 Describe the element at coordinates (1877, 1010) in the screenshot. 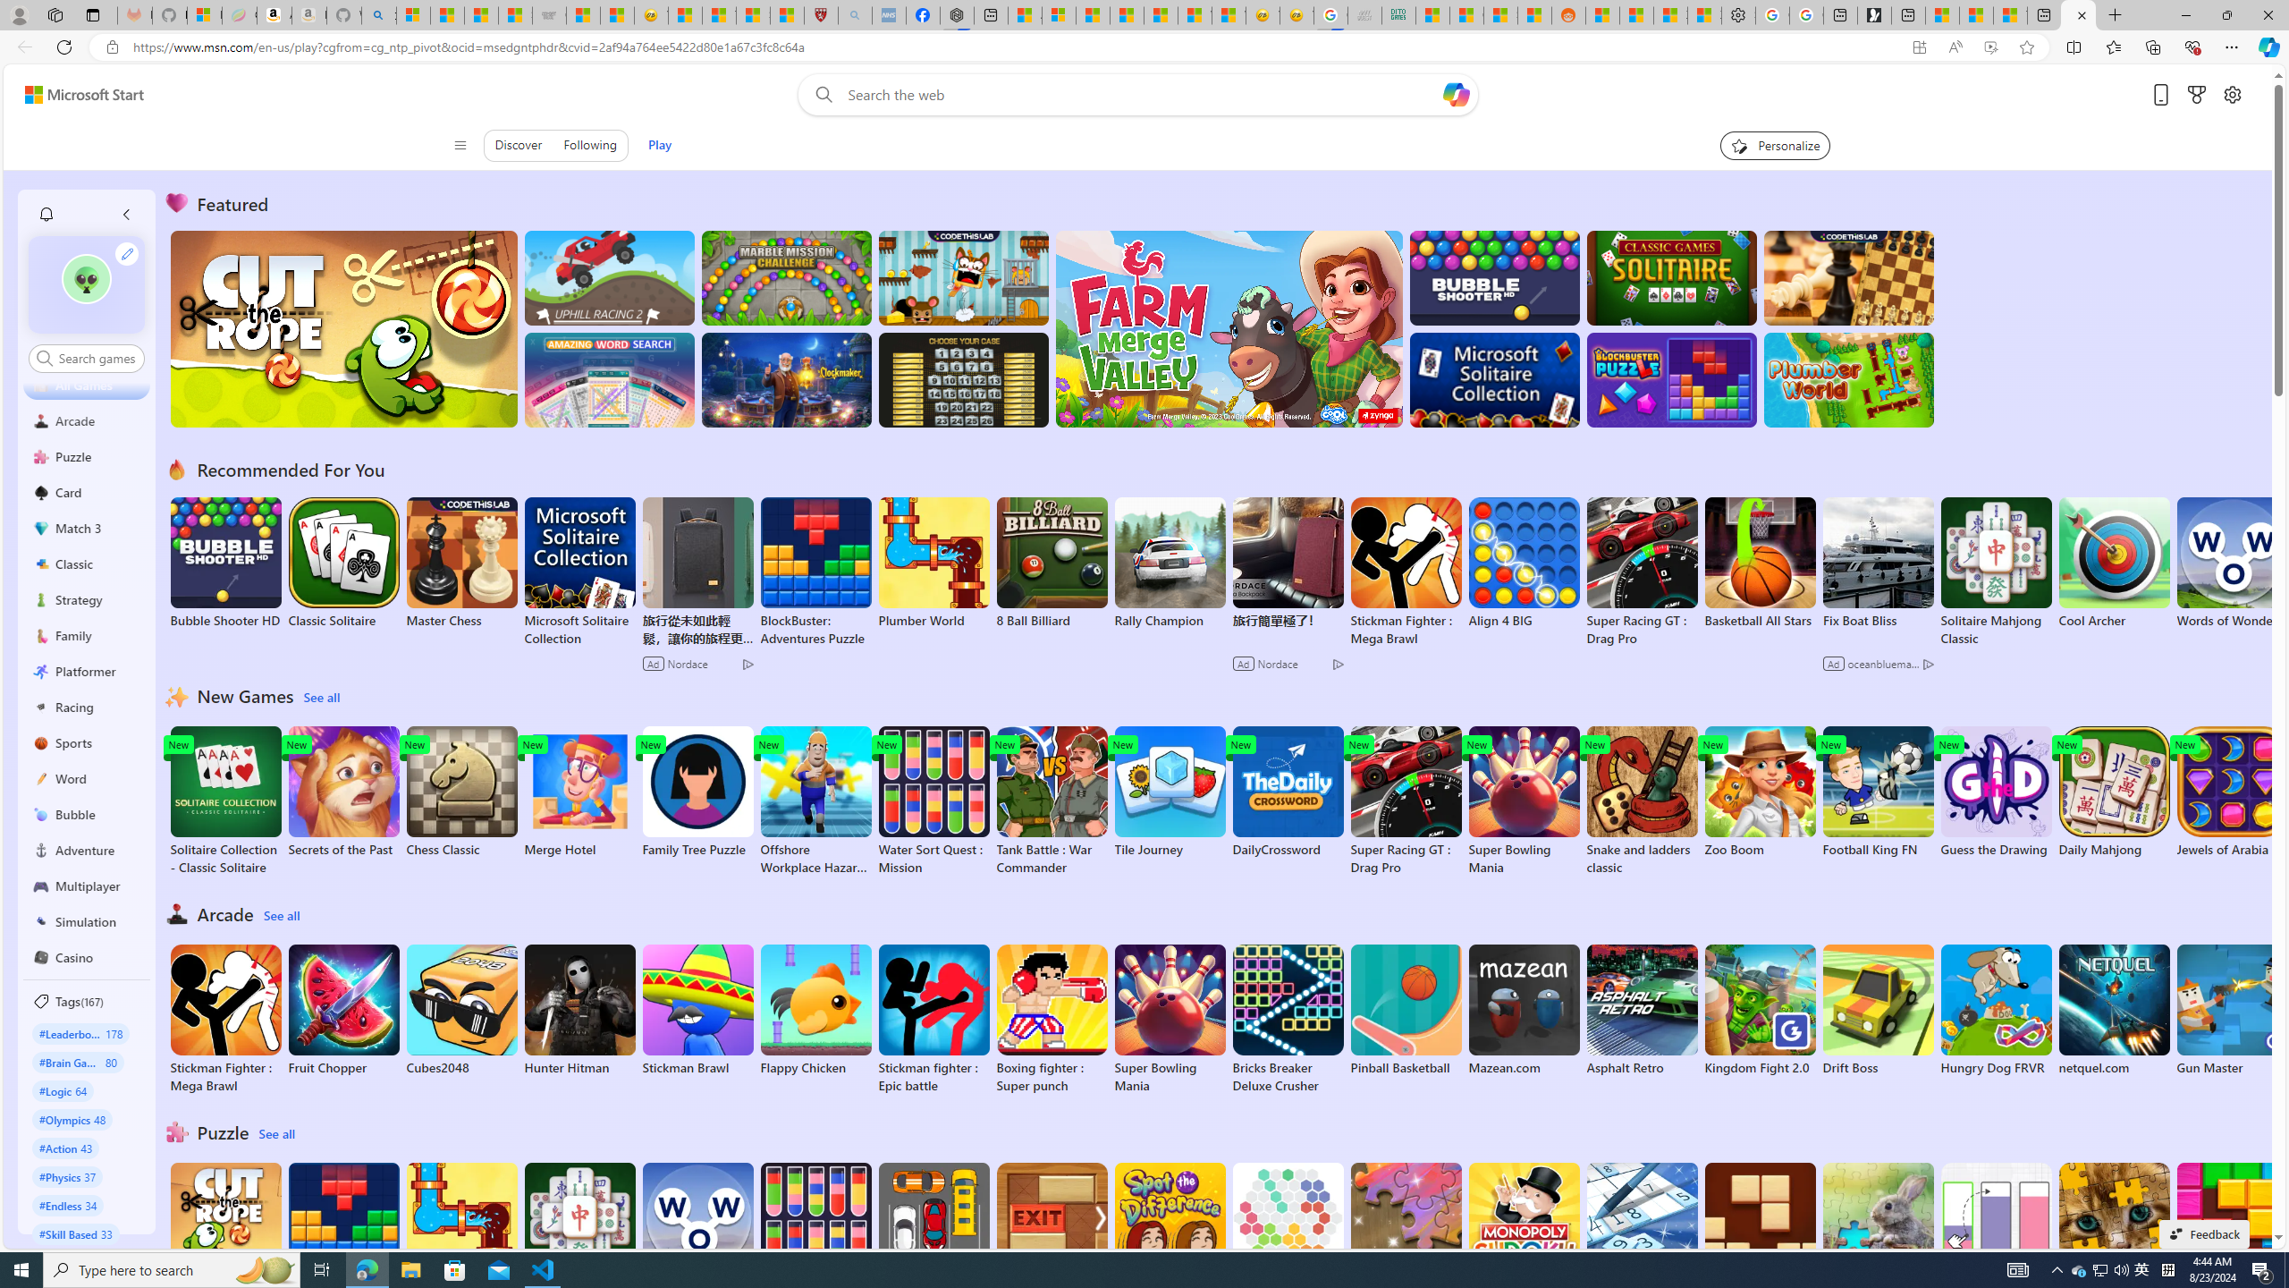

I see `'Drift Boss'` at that location.